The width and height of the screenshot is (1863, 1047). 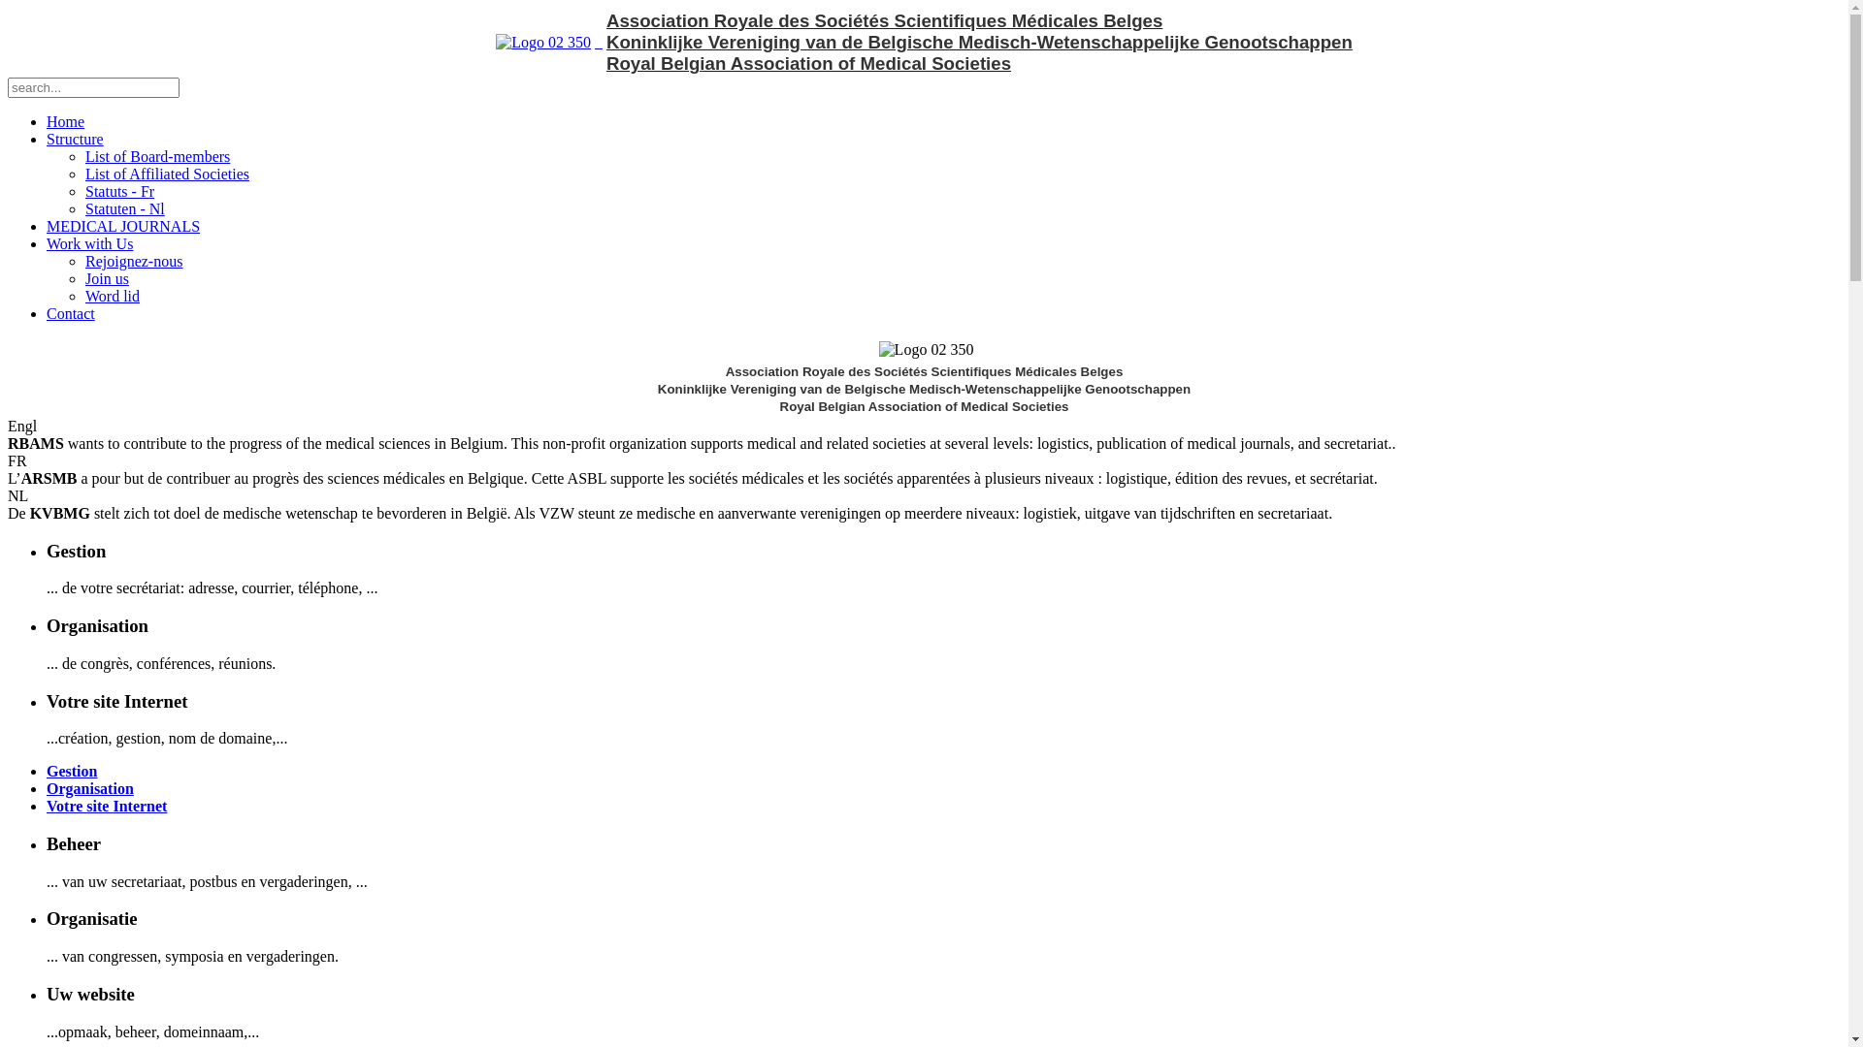 What do you see at coordinates (75, 138) in the screenshot?
I see `'Structure'` at bounding box center [75, 138].